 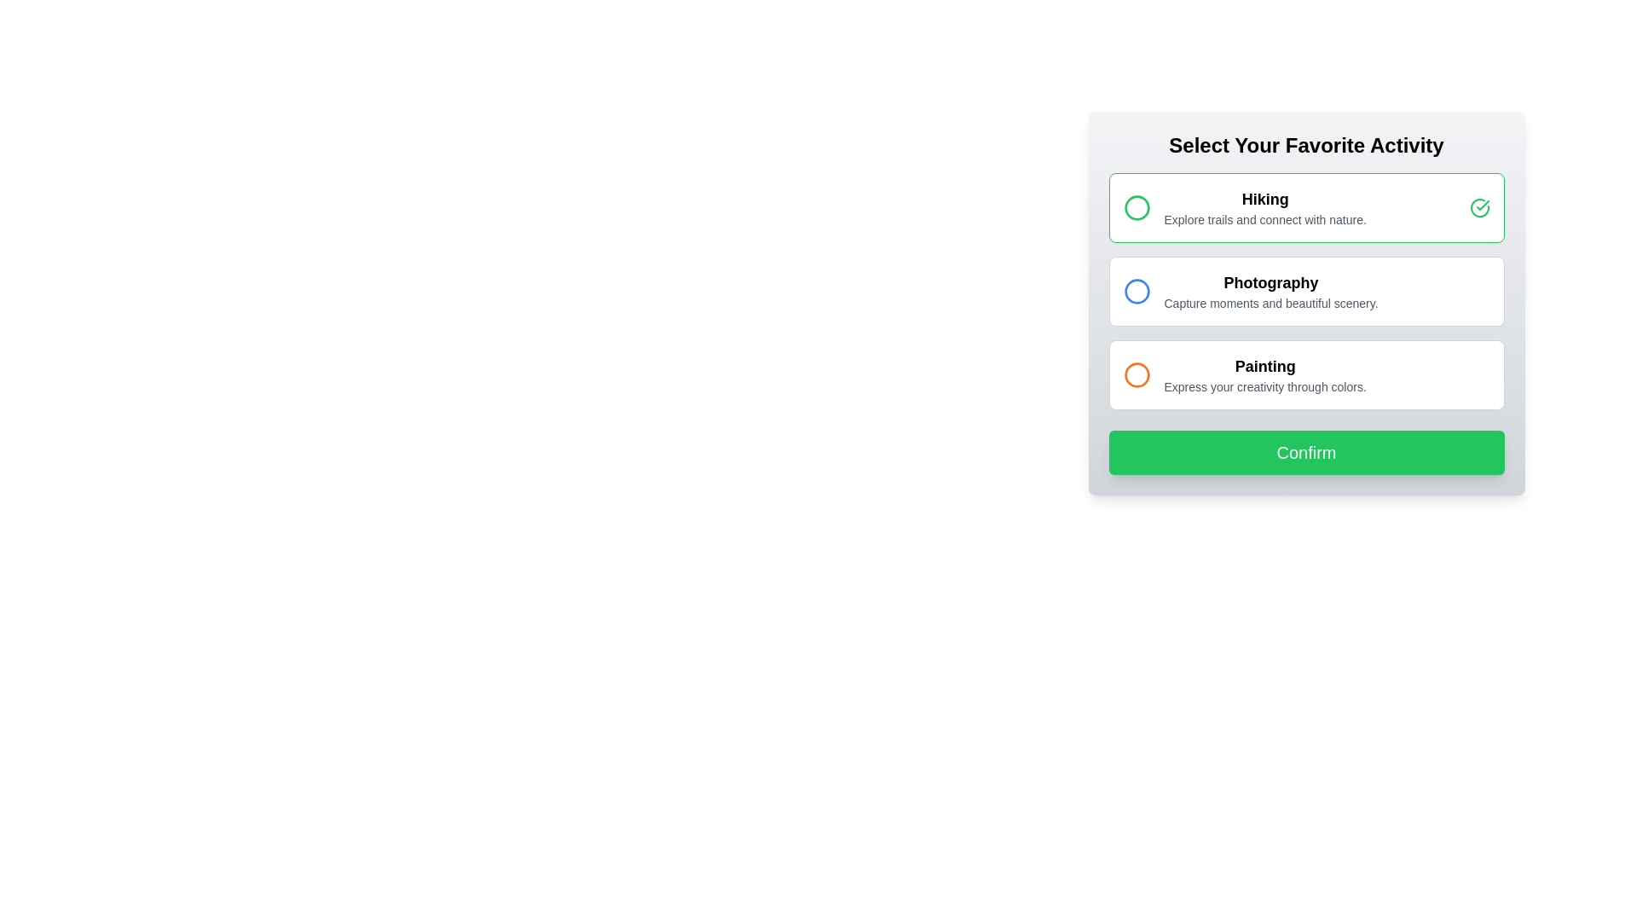 What do you see at coordinates (1245, 374) in the screenshot?
I see `the 'Painting' option in the interactive list` at bounding box center [1245, 374].